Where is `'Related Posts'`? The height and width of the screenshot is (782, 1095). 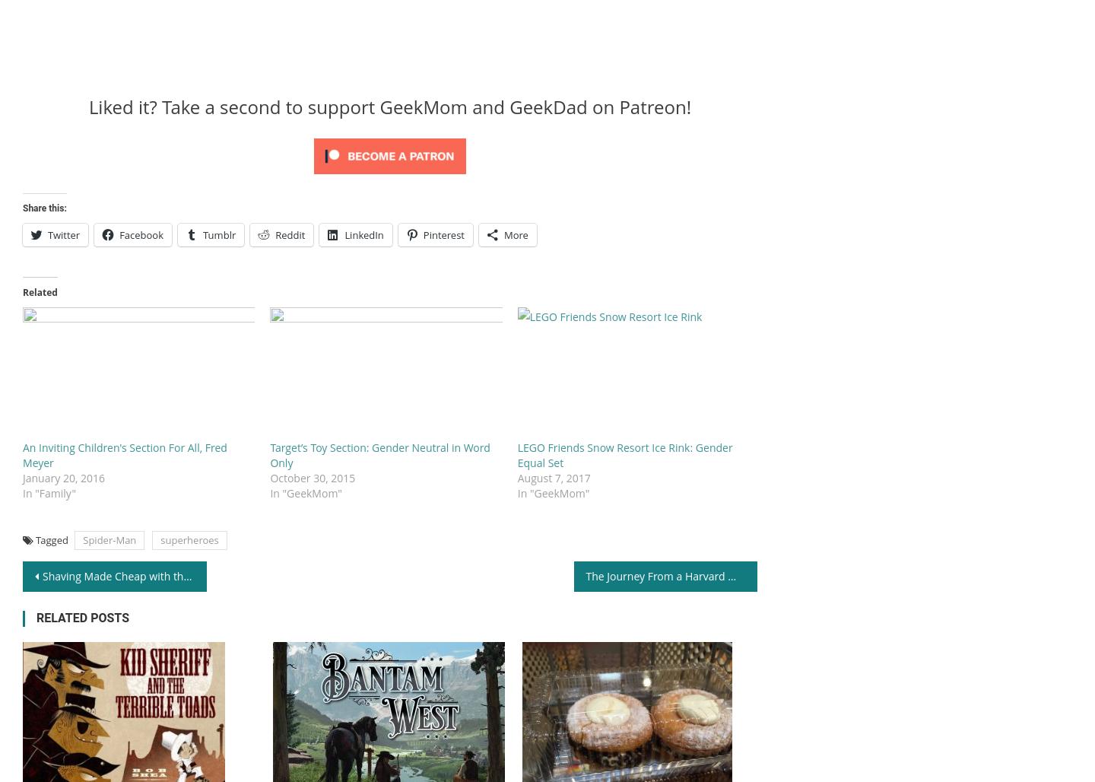 'Related Posts' is located at coordinates (82, 618).